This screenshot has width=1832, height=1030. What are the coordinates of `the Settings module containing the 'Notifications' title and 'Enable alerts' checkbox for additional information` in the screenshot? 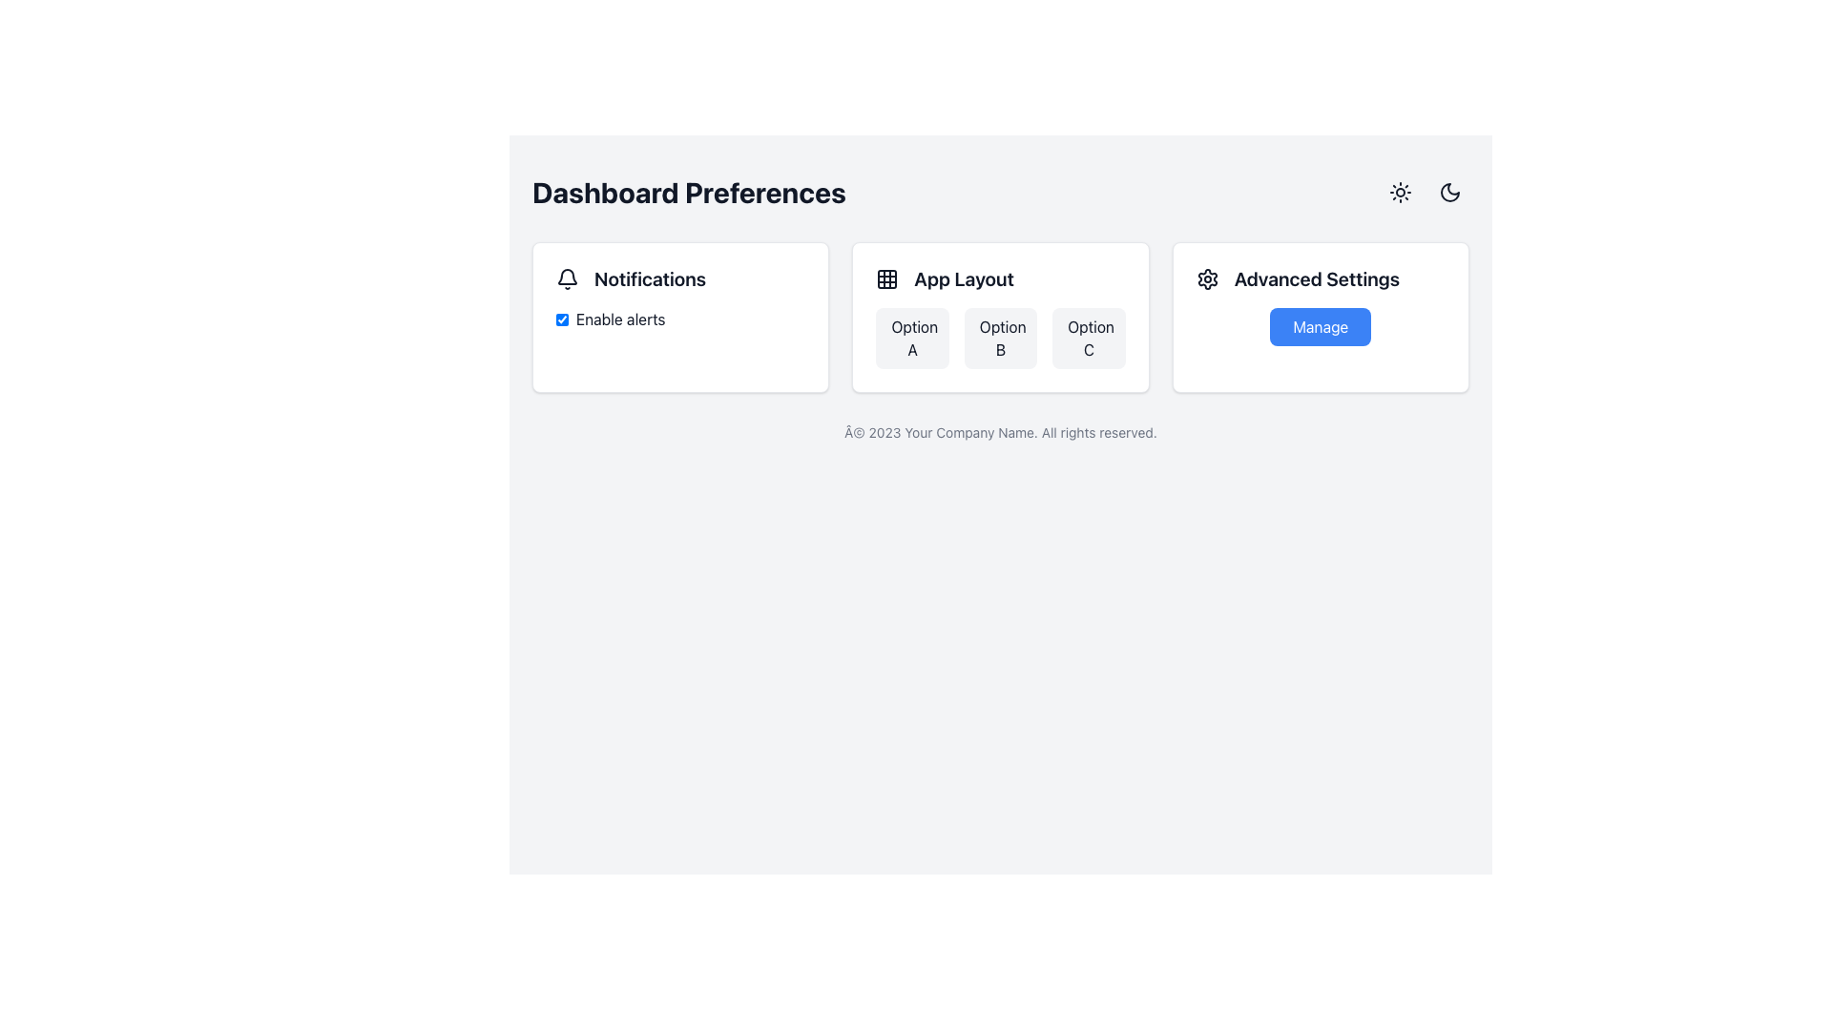 It's located at (680, 316).